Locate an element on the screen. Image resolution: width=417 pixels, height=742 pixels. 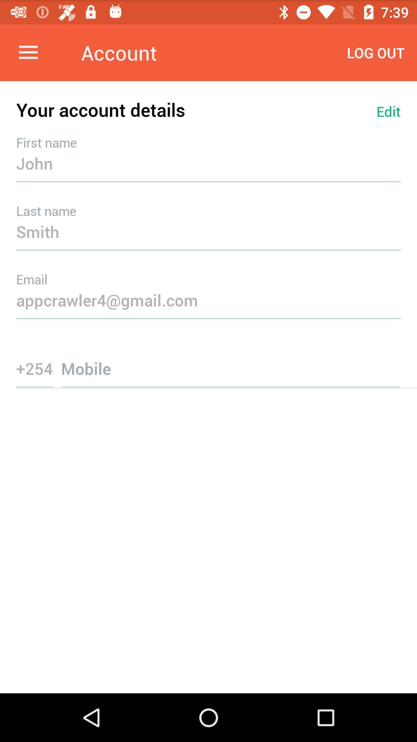
edit item is located at coordinates (388, 111).